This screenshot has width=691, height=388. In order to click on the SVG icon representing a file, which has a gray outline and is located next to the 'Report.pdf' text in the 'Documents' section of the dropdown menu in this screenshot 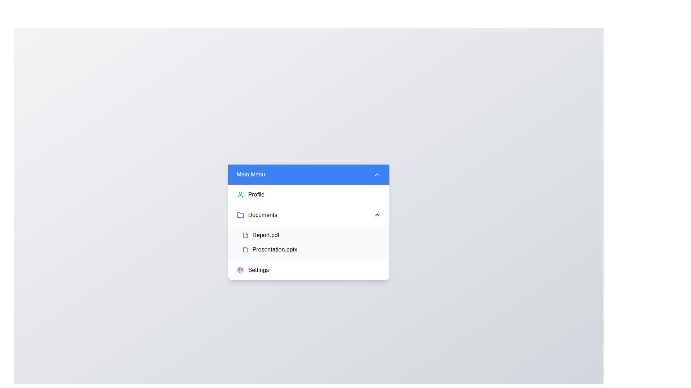, I will do `click(245, 235)`.